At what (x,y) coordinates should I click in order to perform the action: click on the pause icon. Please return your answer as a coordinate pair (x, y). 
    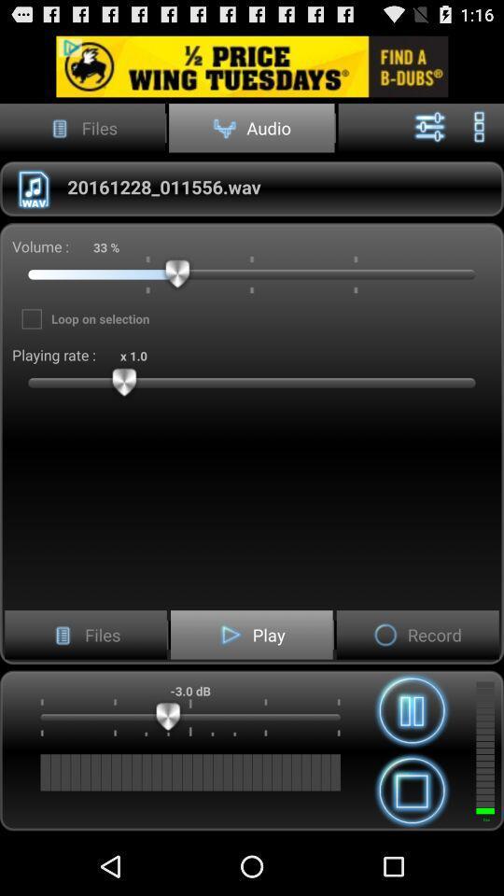
    Looking at the image, I should click on (412, 760).